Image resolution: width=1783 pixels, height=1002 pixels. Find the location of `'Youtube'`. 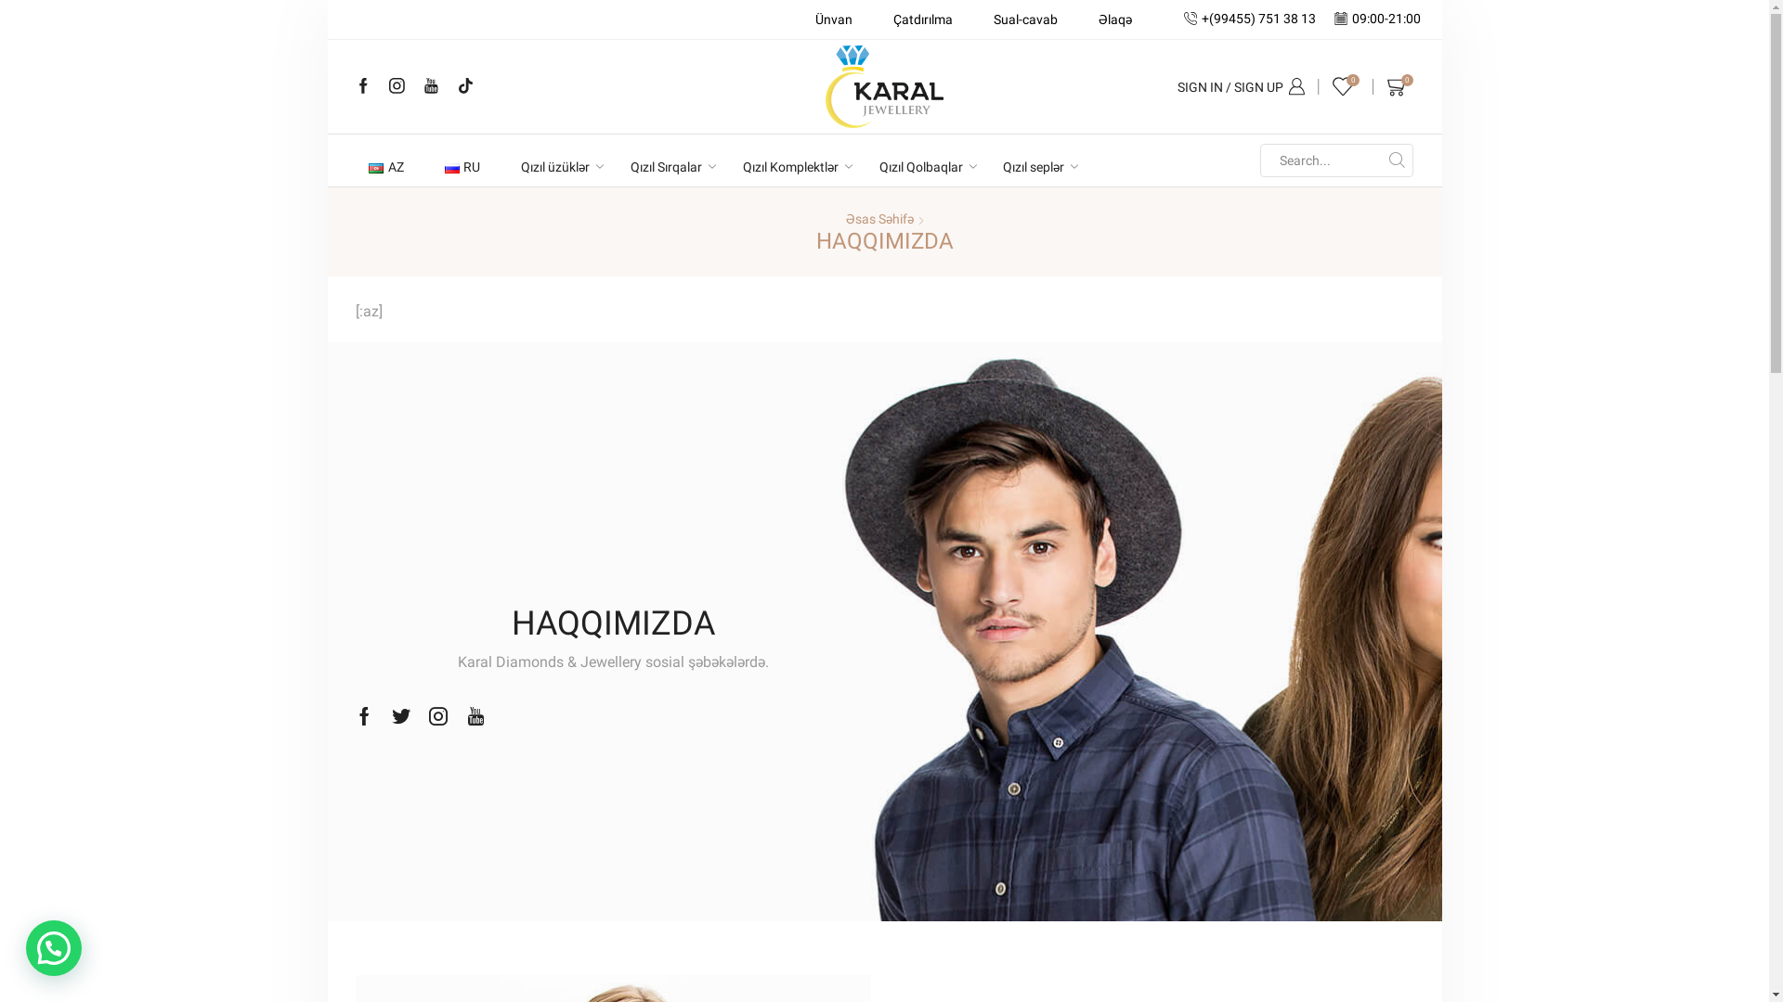

'Youtube' is located at coordinates (430, 86).